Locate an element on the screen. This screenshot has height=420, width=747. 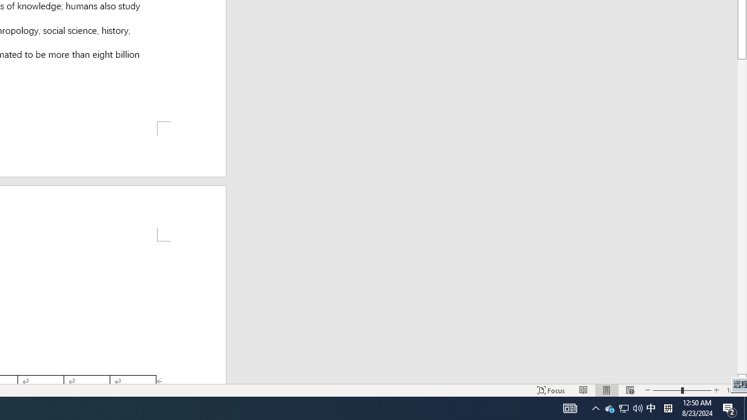
'Zoom 100%' is located at coordinates (734, 390).